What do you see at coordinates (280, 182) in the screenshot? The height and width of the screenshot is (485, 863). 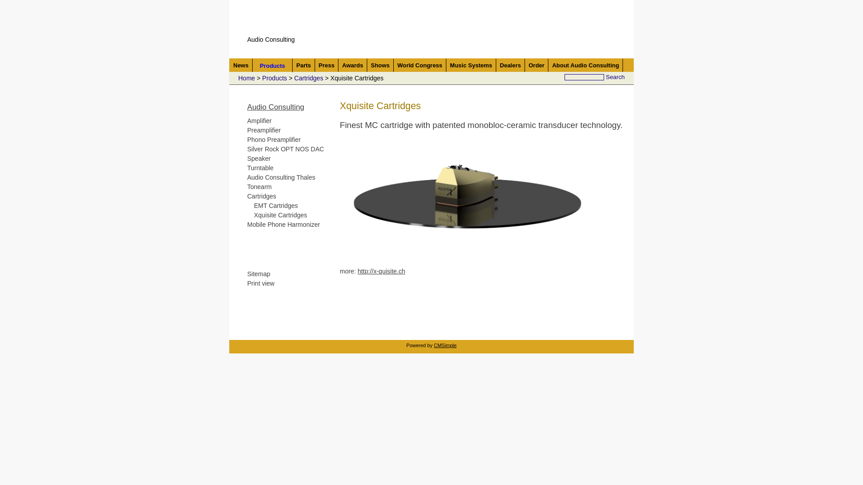 I see `'Audio Consulting Thales Tonearm'` at bounding box center [280, 182].